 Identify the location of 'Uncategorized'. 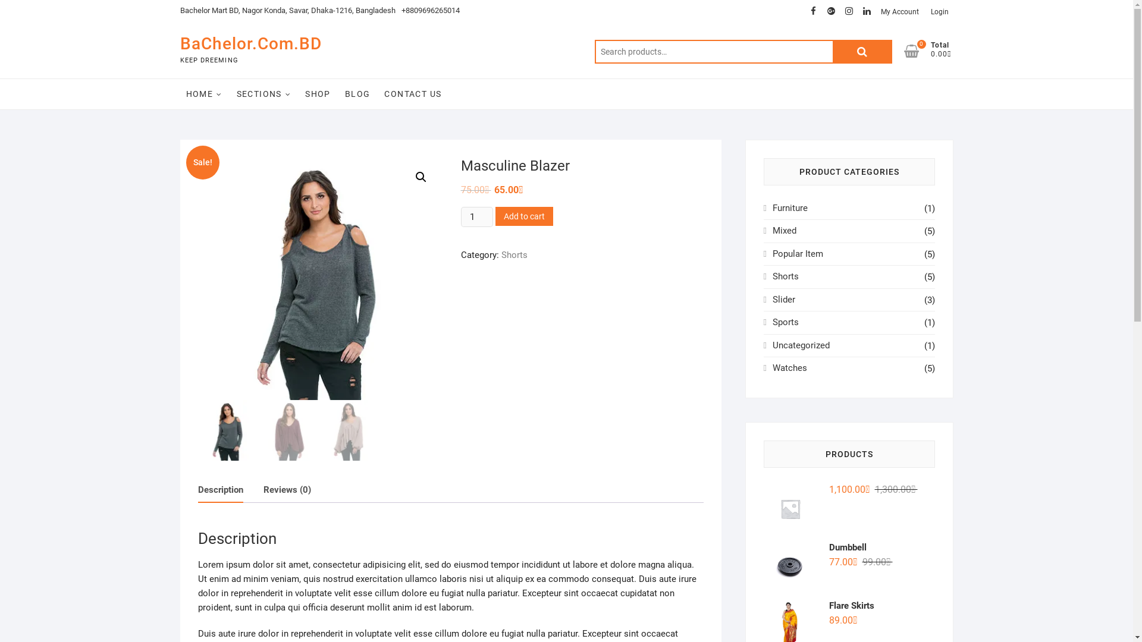
(801, 345).